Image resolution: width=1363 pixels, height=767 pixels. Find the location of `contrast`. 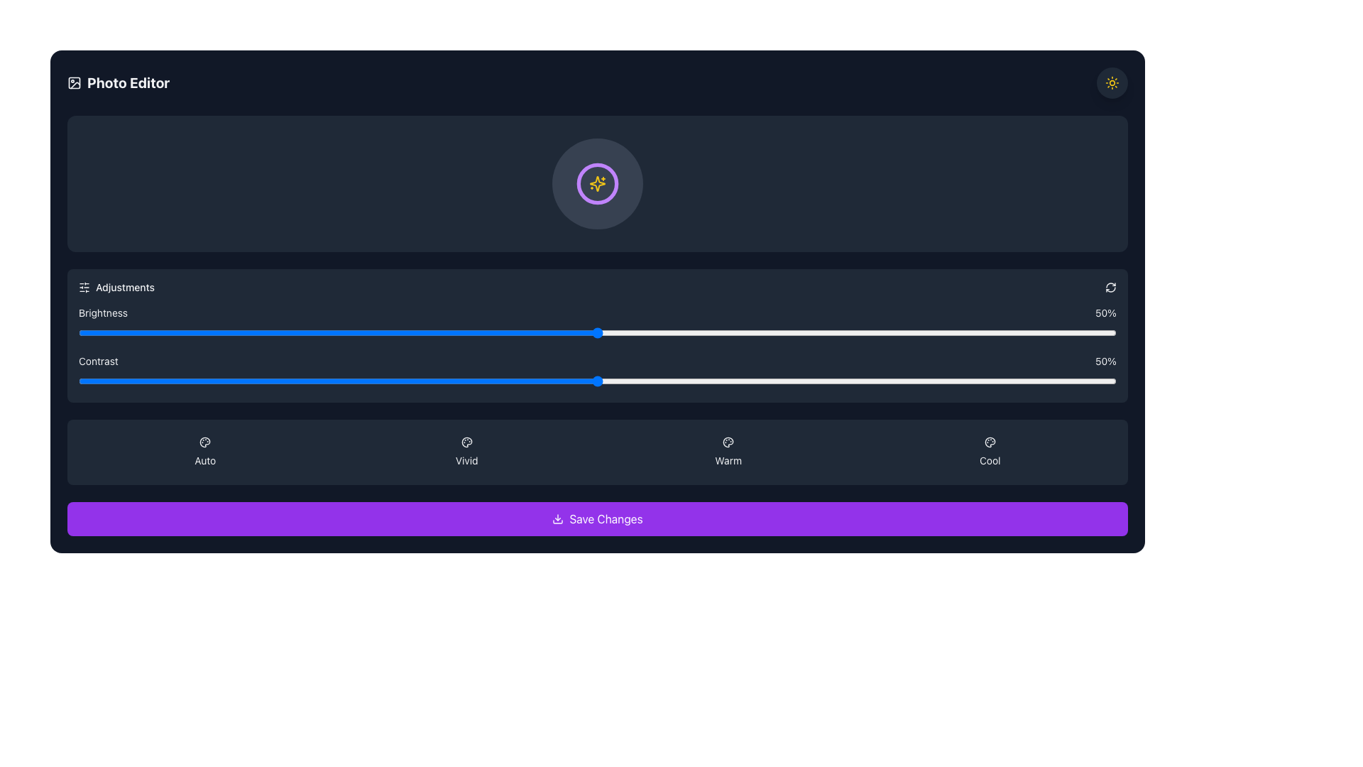

contrast is located at coordinates (451, 380).